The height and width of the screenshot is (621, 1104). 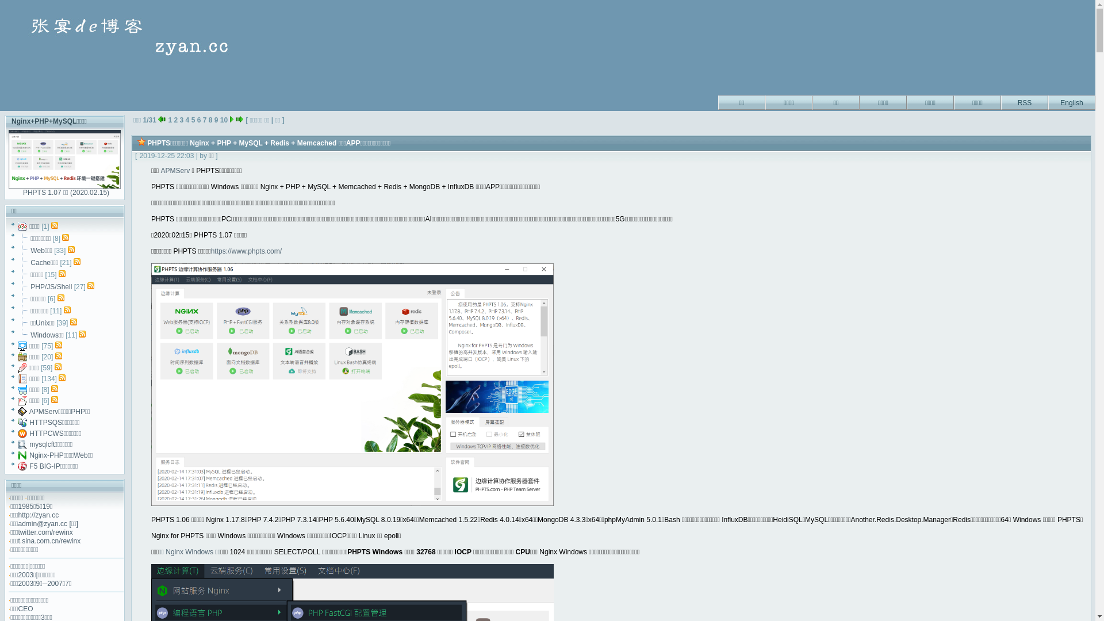 I want to click on 'APMServ', so click(x=174, y=171).